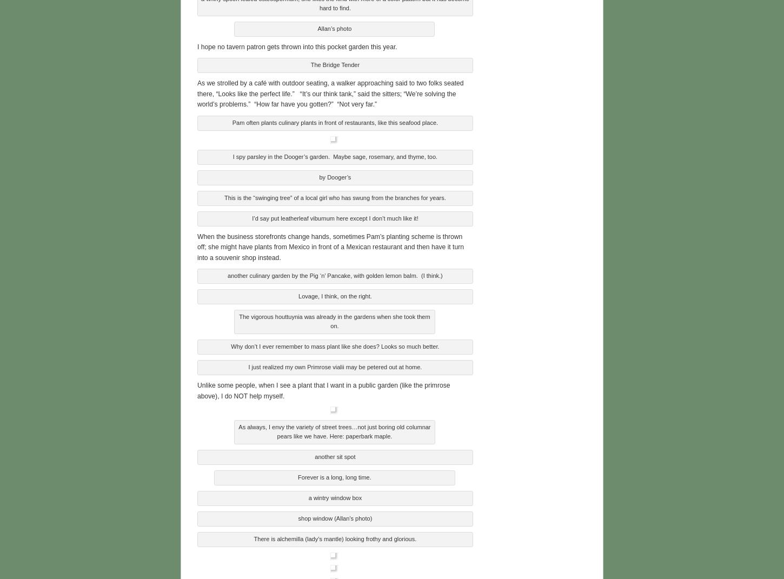 This screenshot has width=784, height=579. Describe the element at coordinates (334, 344) in the screenshot. I see `'Why don’t I ever remember to mass plant like she does? Looks so much better.'` at that location.